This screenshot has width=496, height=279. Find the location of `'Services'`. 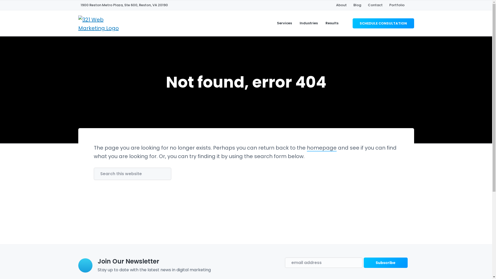

'Services' is located at coordinates (284, 23).